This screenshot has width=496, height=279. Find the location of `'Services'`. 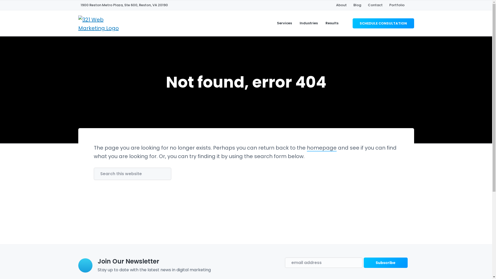

'Services' is located at coordinates (284, 23).